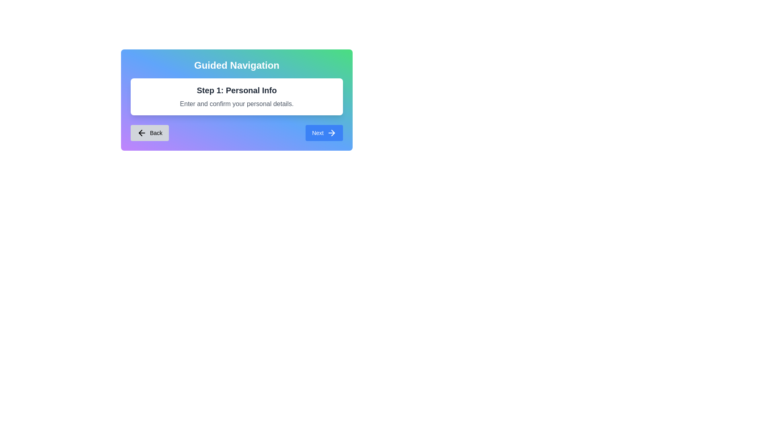 The height and width of the screenshot is (434, 772). Describe the element at coordinates (150, 133) in the screenshot. I see `the 'Back' button to navigate to the previous step` at that location.